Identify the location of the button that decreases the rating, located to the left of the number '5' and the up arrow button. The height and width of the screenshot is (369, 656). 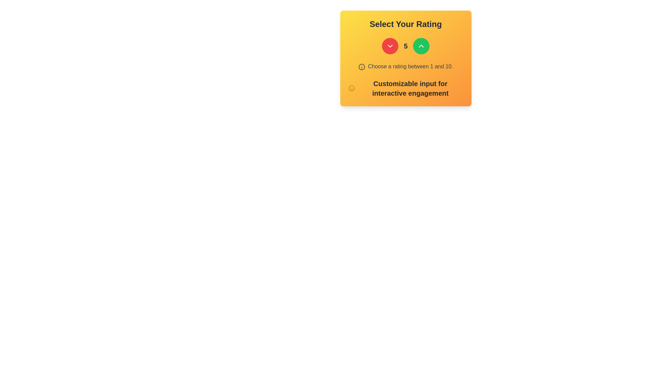
(390, 46).